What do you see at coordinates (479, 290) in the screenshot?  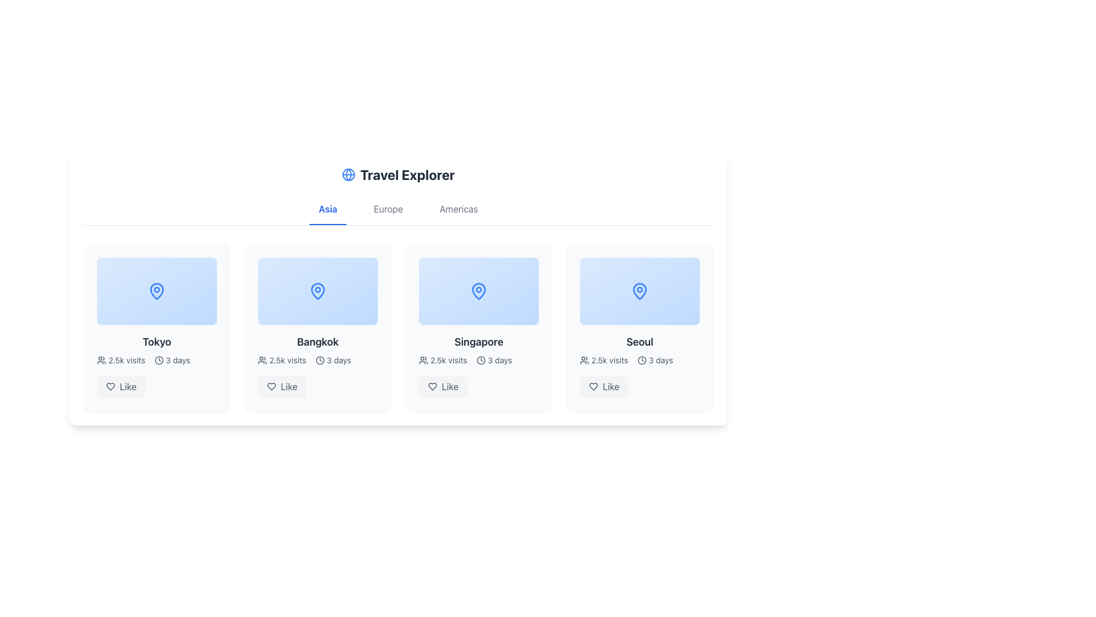 I see `the graphical location tile representing 'Singapore' in the travel exploration interface` at bounding box center [479, 290].